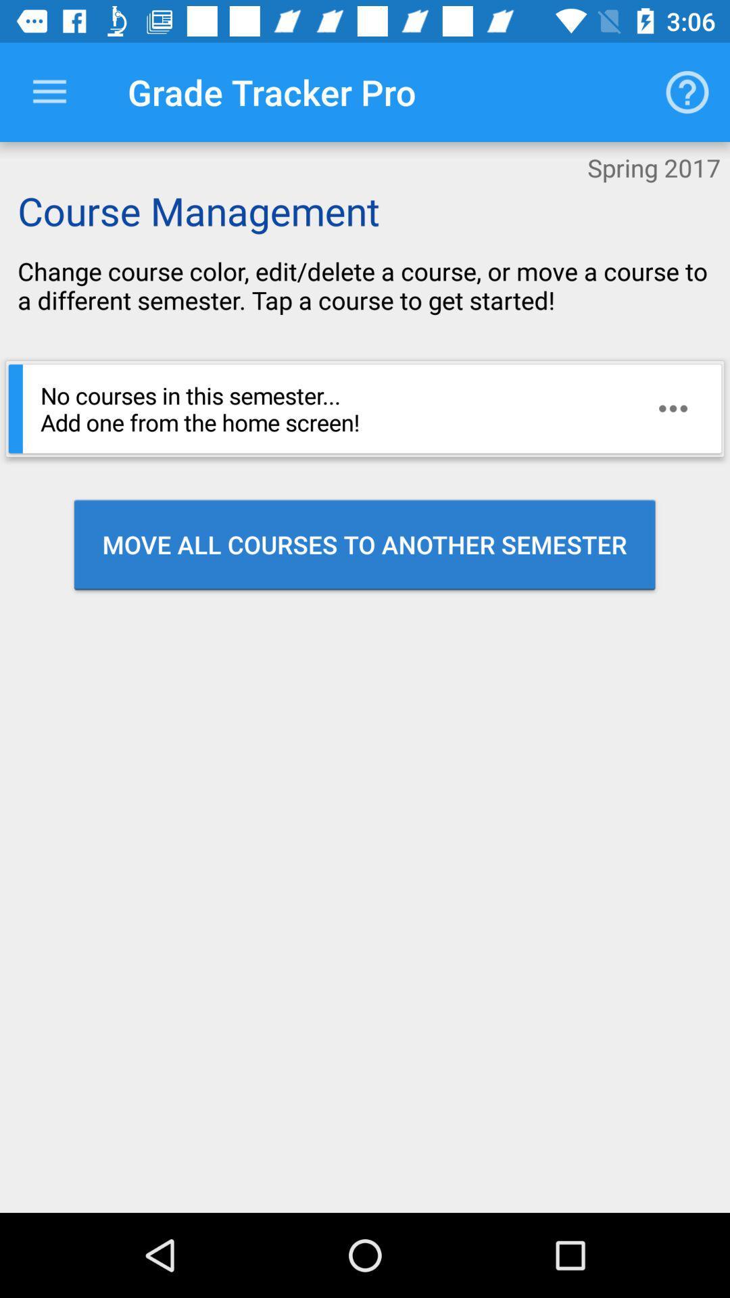 The height and width of the screenshot is (1298, 730). Describe the element at coordinates (364, 544) in the screenshot. I see `the move all courses item` at that location.